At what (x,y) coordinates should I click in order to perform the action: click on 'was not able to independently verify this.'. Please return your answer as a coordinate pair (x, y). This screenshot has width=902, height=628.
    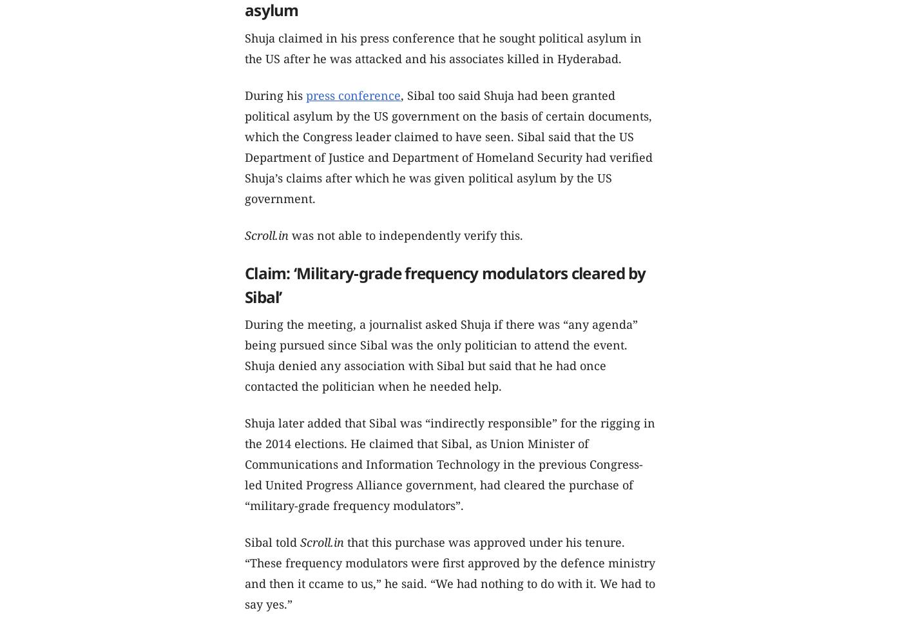
    Looking at the image, I should click on (292, 235).